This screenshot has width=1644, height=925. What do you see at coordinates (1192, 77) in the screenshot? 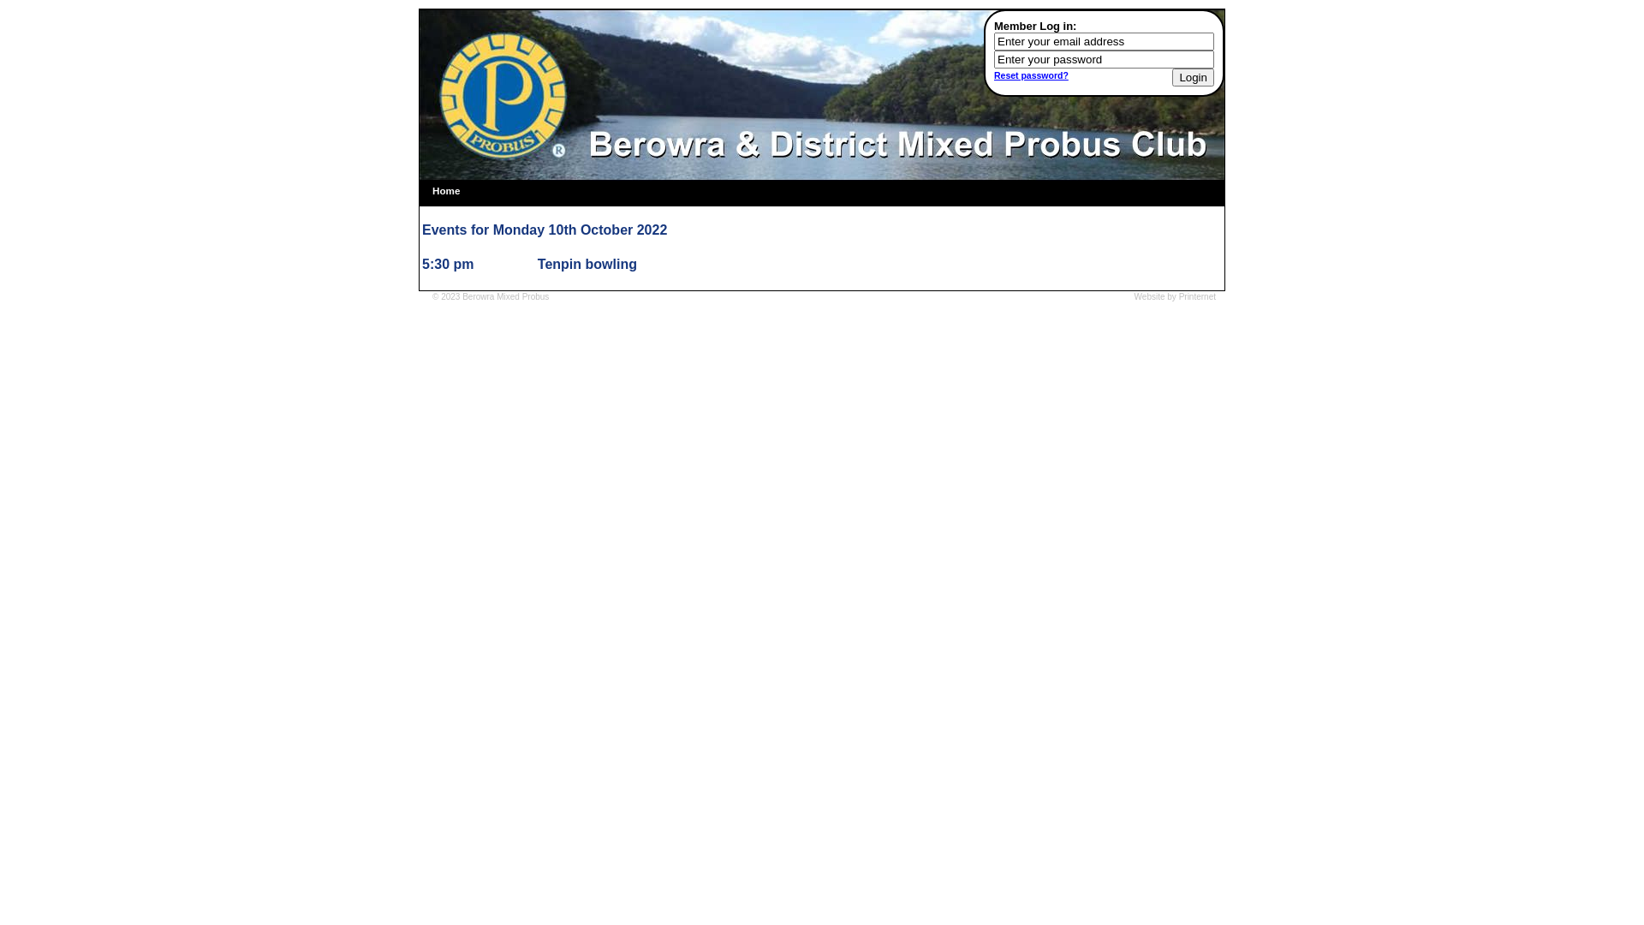
I see `'Login'` at bounding box center [1192, 77].